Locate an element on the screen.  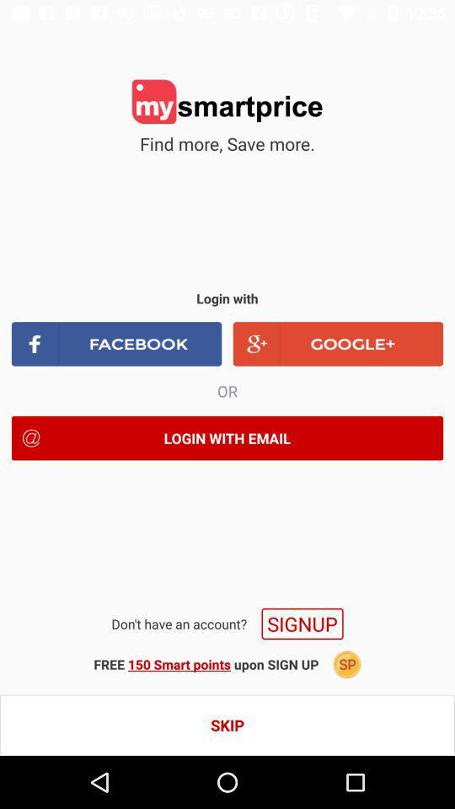
item to the right of don t have is located at coordinates (302, 623).